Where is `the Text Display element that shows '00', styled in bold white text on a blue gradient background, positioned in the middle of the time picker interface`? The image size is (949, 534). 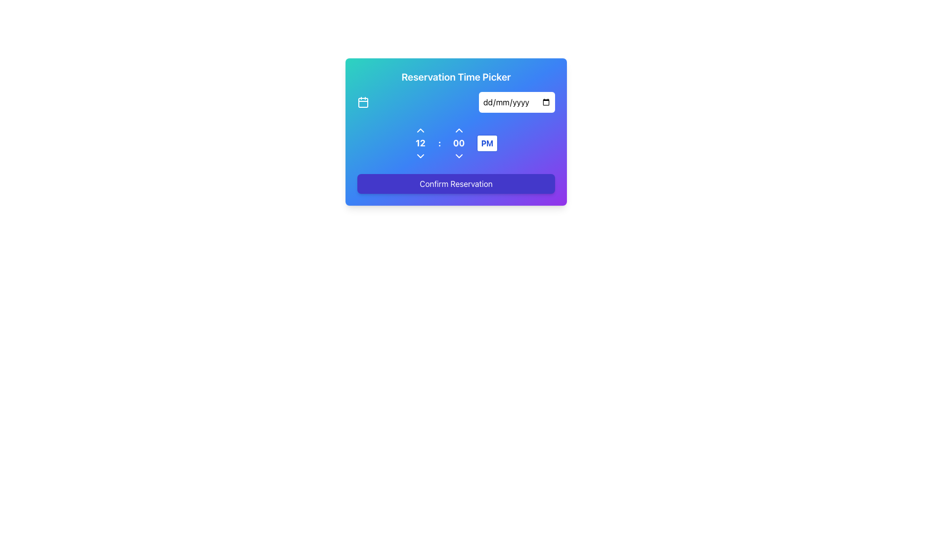 the Text Display element that shows '00', styled in bold white text on a blue gradient background, positioned in the middle of the time picker interface is located at coordinates (458, 143).